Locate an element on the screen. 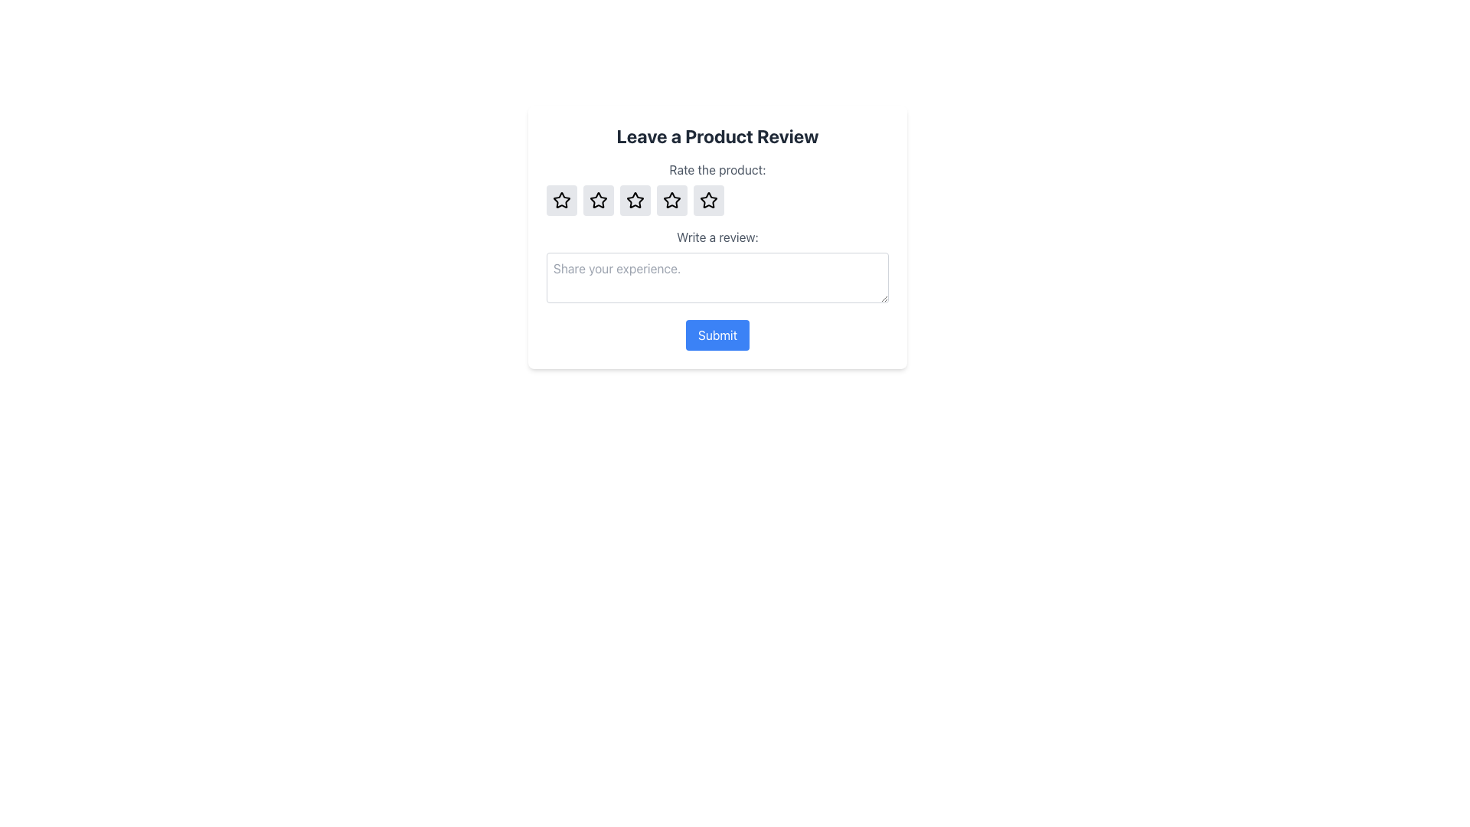 This screenshot has width=1470, height=827. the third star-shaped icon is located at coordinates (635, 200).